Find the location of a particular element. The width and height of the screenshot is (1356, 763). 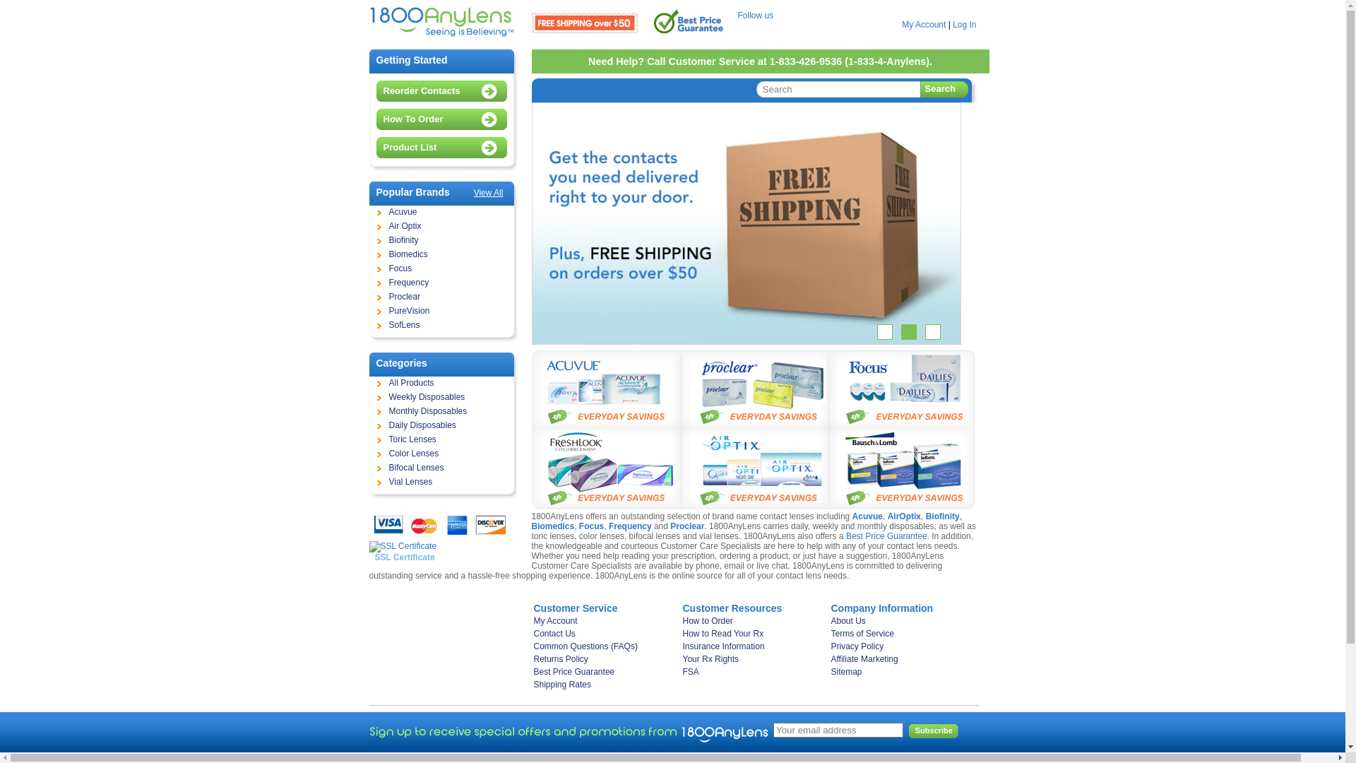

'Frequency' is located at coordinates (441, 283).